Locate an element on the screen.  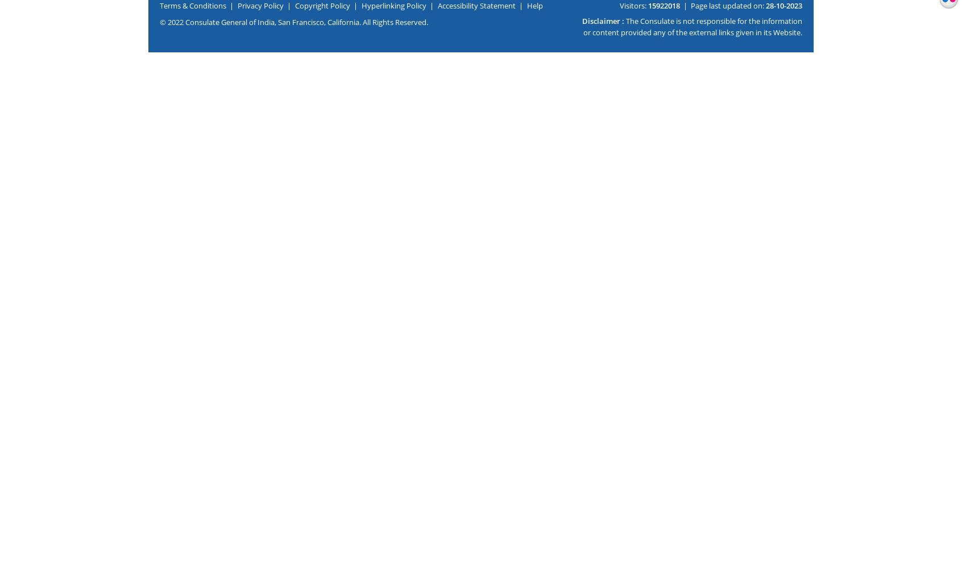
'Accessibility Statement' is located at coordinates (437, 5).